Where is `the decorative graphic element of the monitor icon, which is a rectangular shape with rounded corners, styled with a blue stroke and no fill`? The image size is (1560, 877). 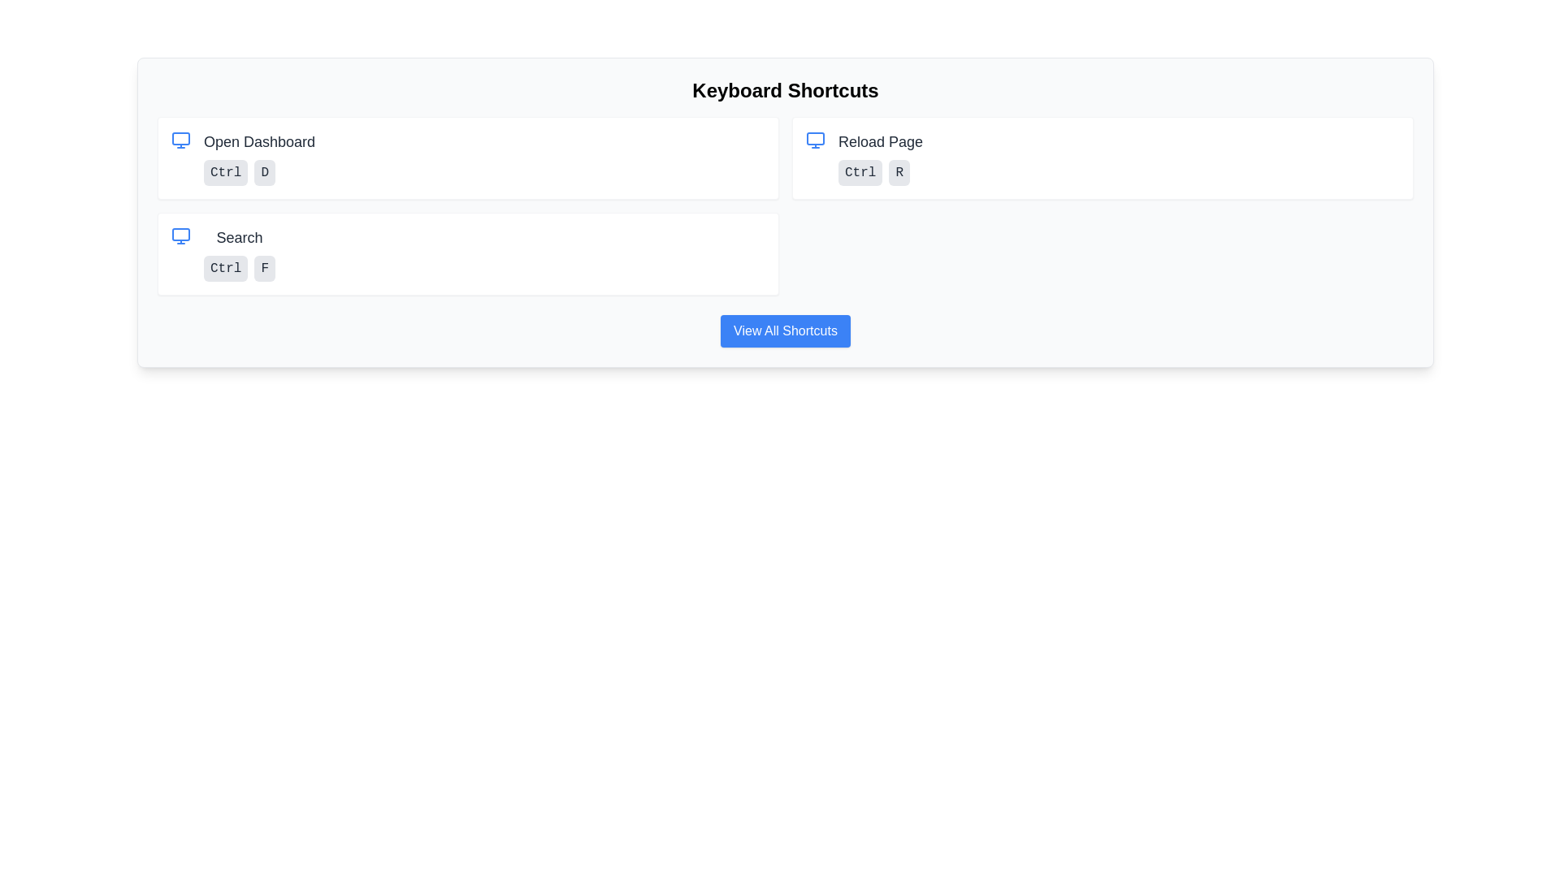
the decorative graphic element of the monitor icon, which is a rectangular shape with rounded corners, styled with a blue stroke and no fill is located at coordinates (180, 137).